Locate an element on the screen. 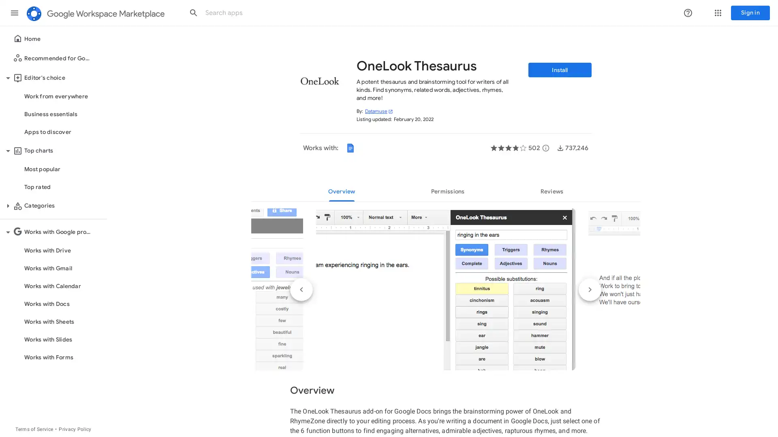 Image resolution: width=778 pixels, height=437 pixels. Install is located at coordinates (560, 70).